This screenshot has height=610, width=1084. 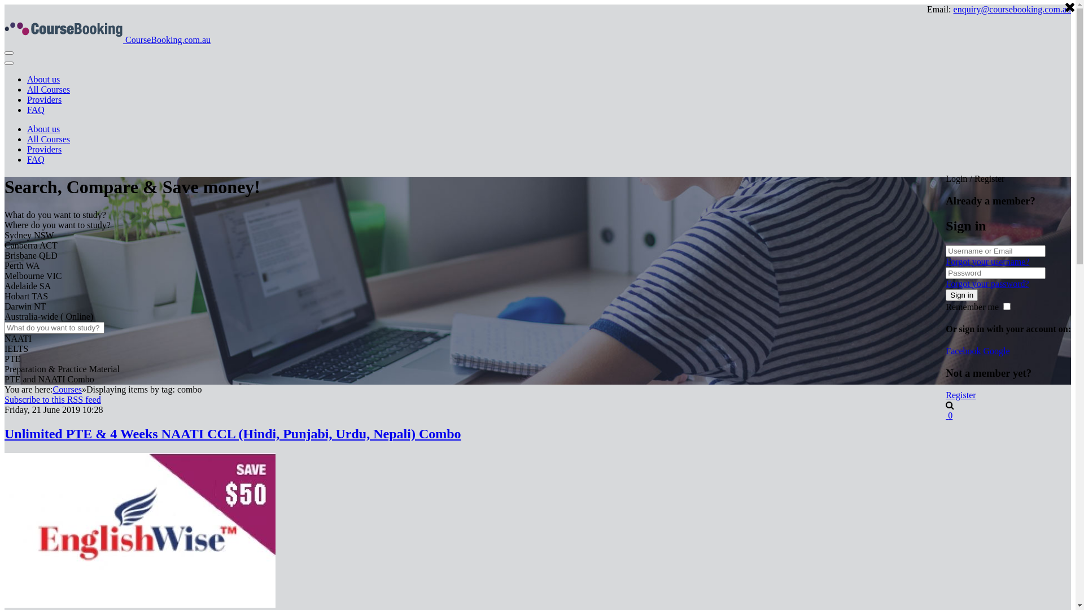 What do you see at coordinates (36, 110) in the screenshot?
I see `'FAQ'` at bounding box center [36, 110].